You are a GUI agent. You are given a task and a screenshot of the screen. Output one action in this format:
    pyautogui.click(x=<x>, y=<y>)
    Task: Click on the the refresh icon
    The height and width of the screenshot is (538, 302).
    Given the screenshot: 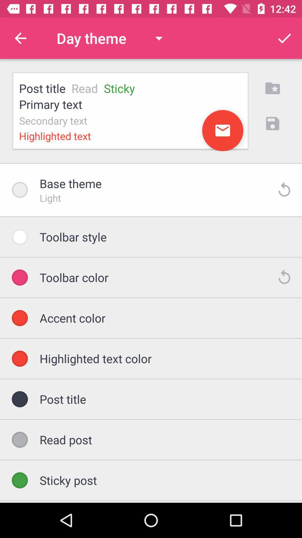 What is the action you would take?
    pyautogui.click(x=284, y=190)
    